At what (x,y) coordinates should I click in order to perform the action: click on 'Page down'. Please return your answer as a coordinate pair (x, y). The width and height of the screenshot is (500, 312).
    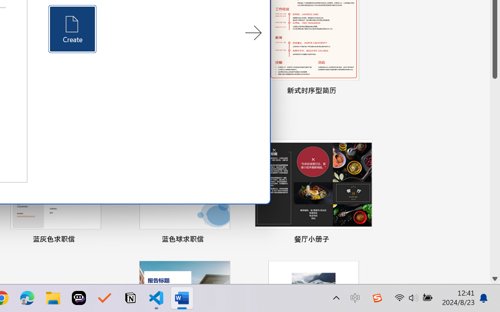
    Looking at the image, I should click on (495, 175).